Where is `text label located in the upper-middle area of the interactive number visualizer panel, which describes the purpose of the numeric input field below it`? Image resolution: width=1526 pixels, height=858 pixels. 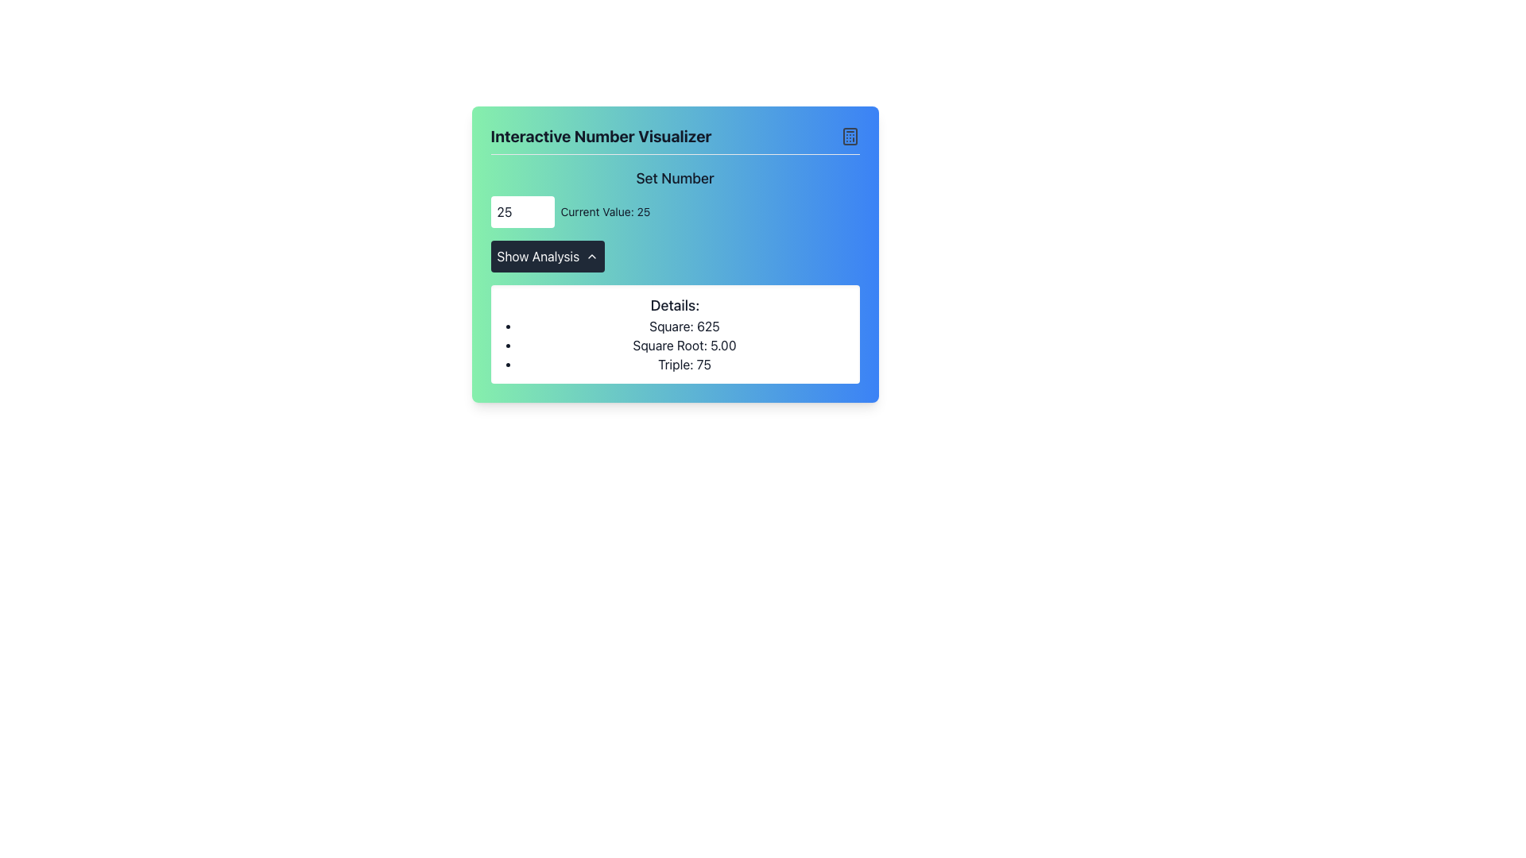 text label located in the upper-middle area of the interactive number visualizer panel, which describes the purpose of the numeric input field below it is located at coordinates (675, 178).